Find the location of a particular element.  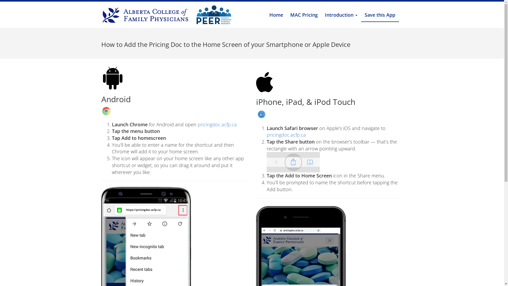

'pricingdoc.acfp.ca' is located at coordinates (267, 135).